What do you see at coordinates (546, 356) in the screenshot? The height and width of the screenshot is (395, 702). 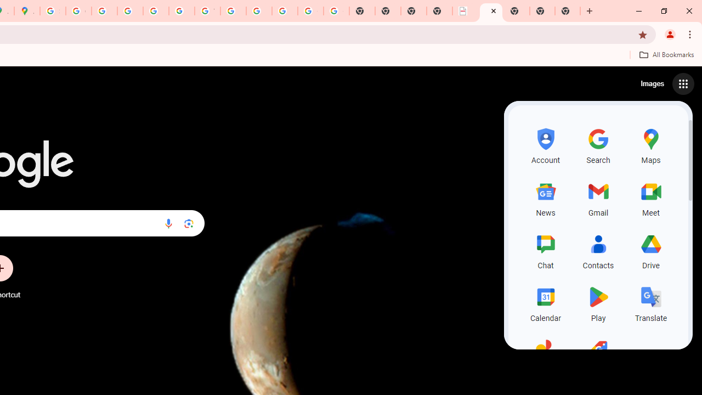 I see `'Photos, row 5 of 5 and column 1 of 3 in the first section'` at bounding box center [546, 356].